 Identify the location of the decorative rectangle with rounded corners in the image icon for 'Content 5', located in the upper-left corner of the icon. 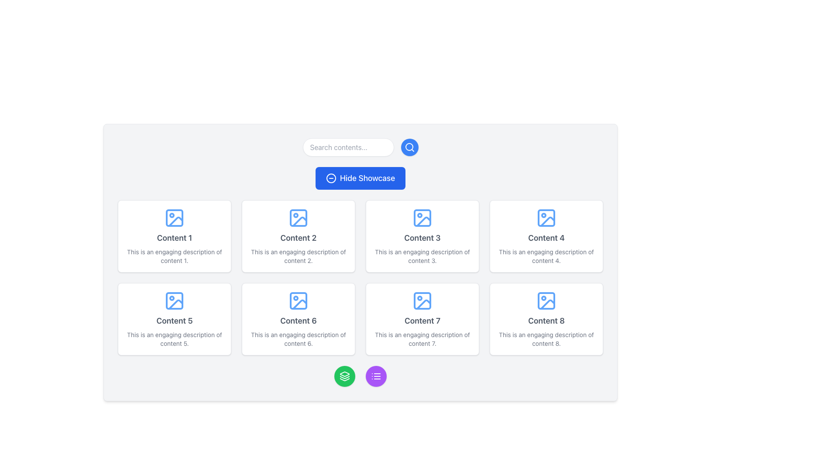
(174, 300).